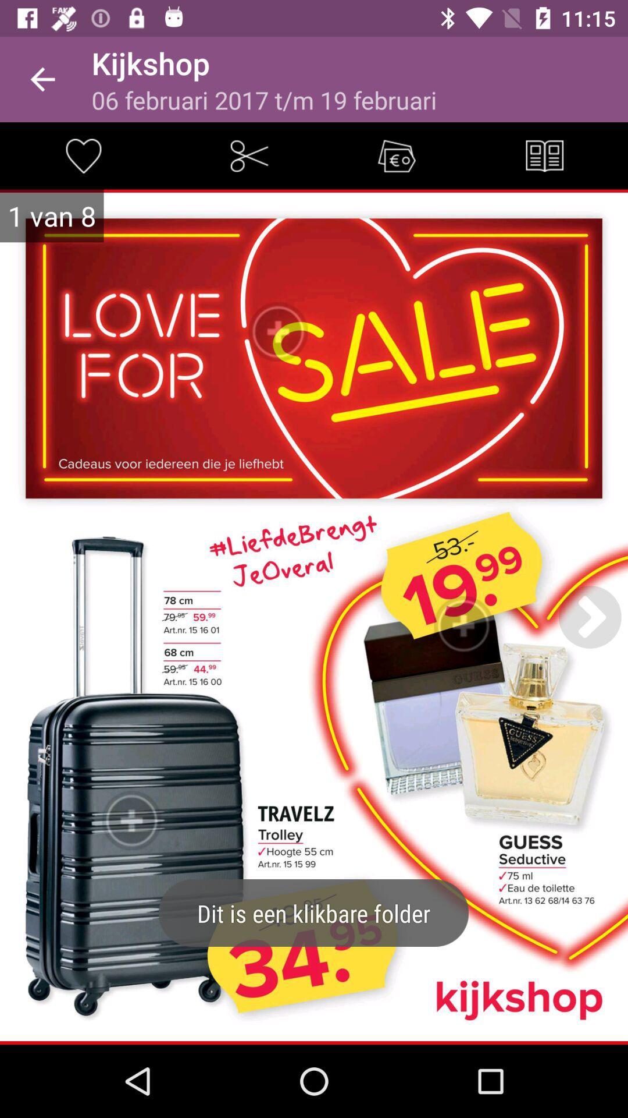 The width and height of the screenshot is (628, 1118). Describe the element at coordinates (82, 155) in the screenshot. I see `this item` at that location.